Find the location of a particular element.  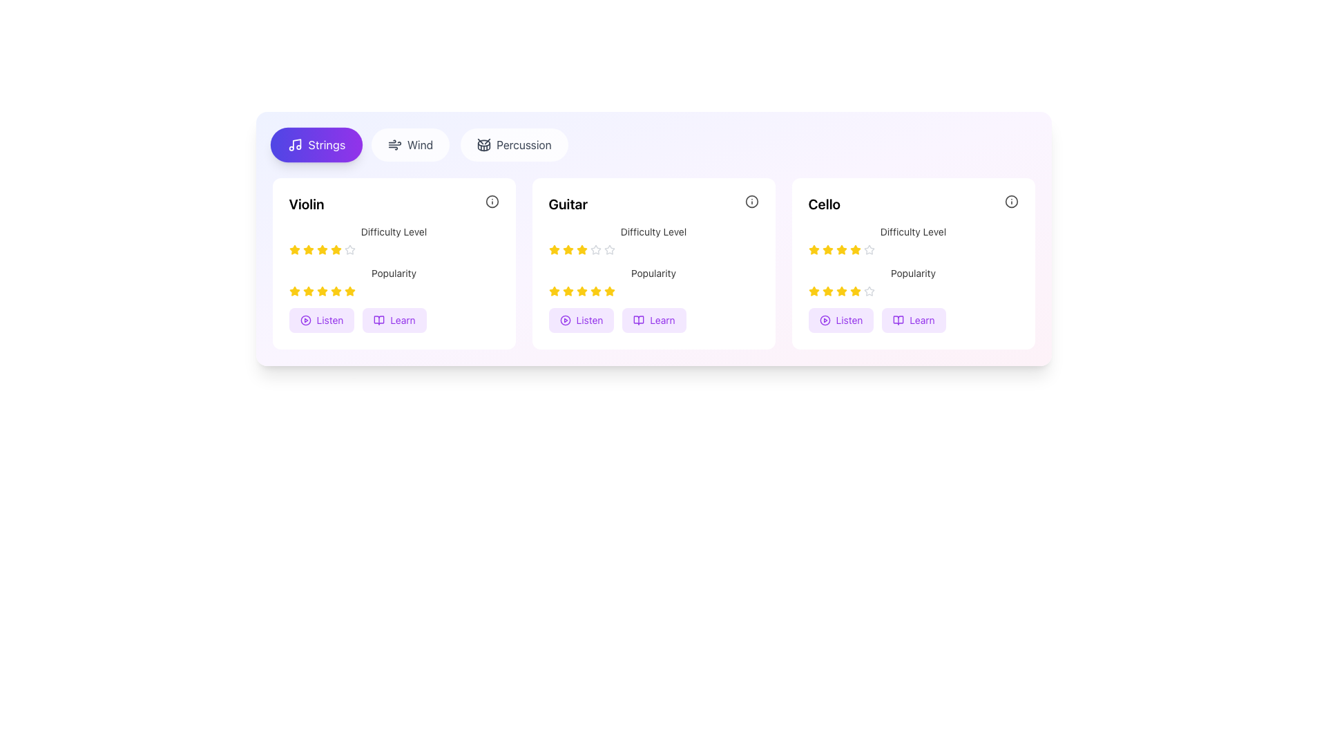

the first star icon in the rating component under the 'Difficulty Level' label for the 'Cello' card to provide a rating is located at coordinates (813, 249).